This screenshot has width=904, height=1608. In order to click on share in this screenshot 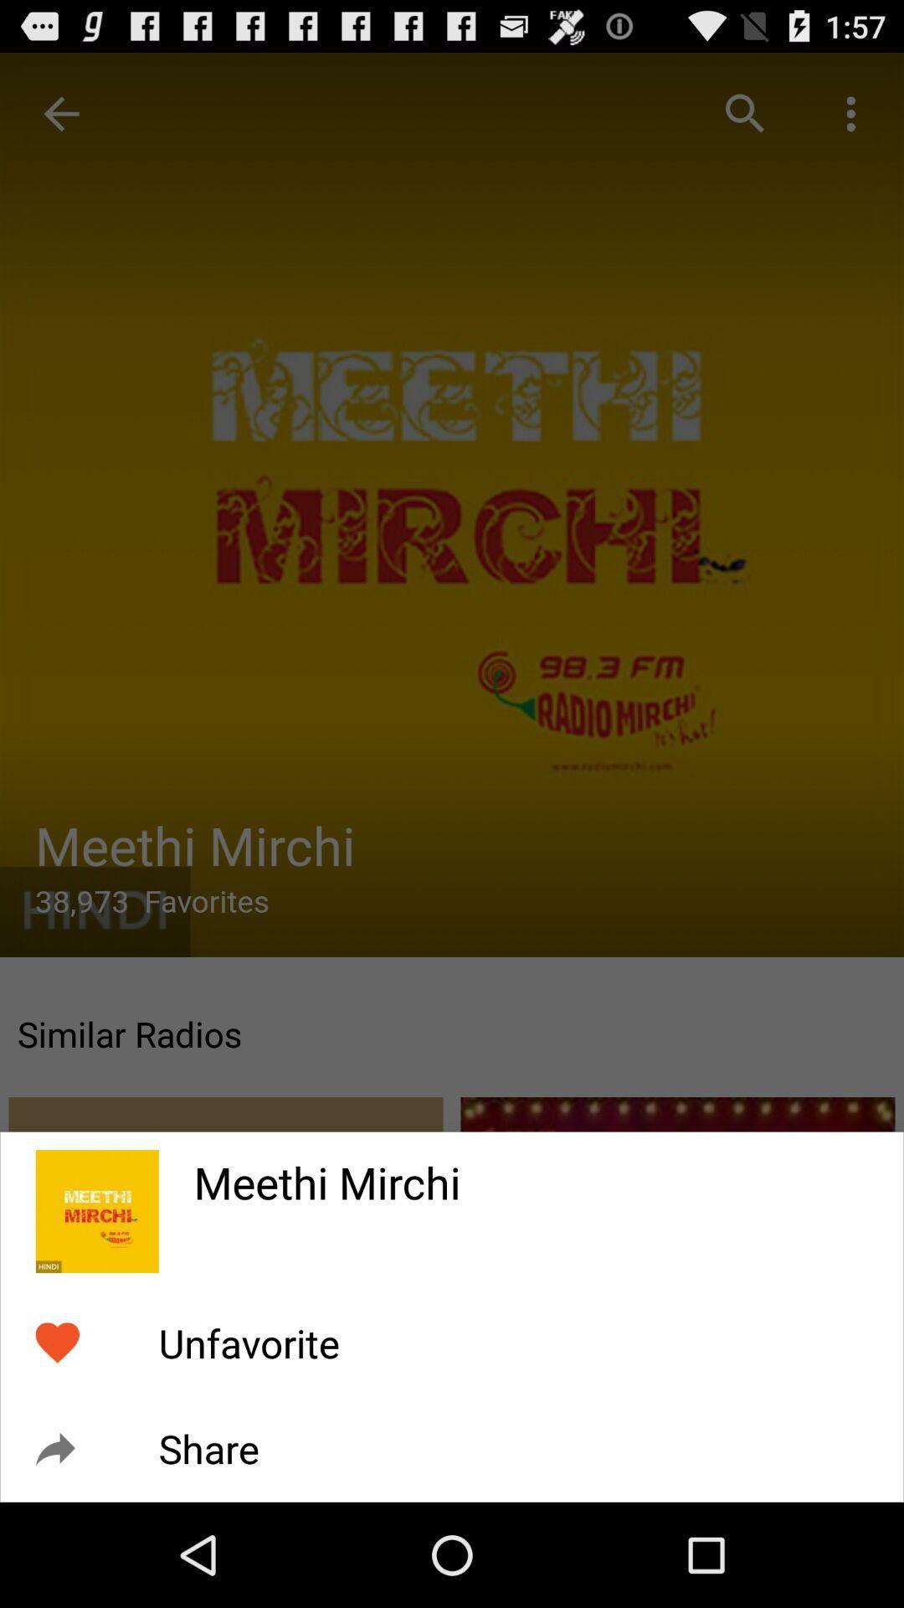, I will do `click(208, 1448)`.